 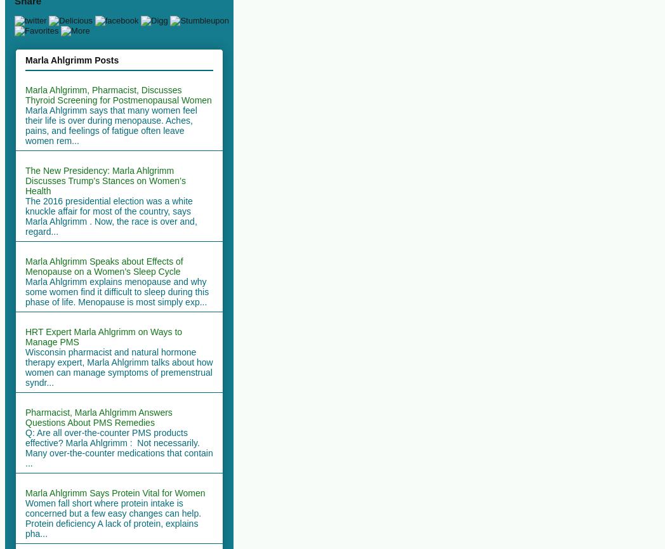 I want to click on 'Pharmacist, Marla Ahlgrimm Answers Questions About PMS Remedies', so click(x=25, y=416).